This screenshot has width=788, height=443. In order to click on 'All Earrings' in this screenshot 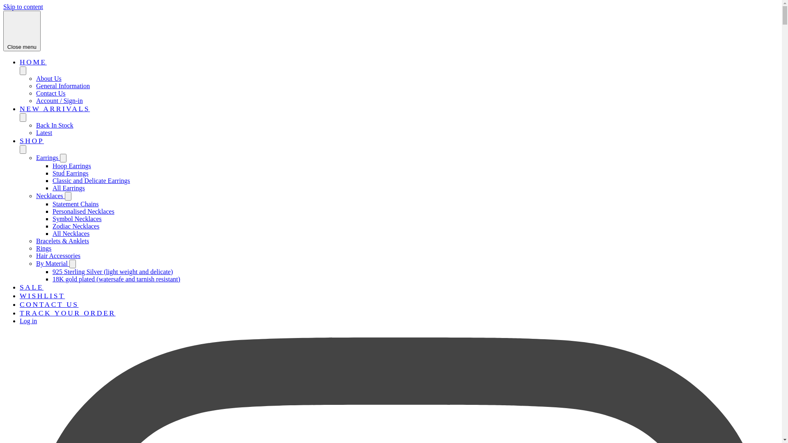, I will do `click(69, 188)`.